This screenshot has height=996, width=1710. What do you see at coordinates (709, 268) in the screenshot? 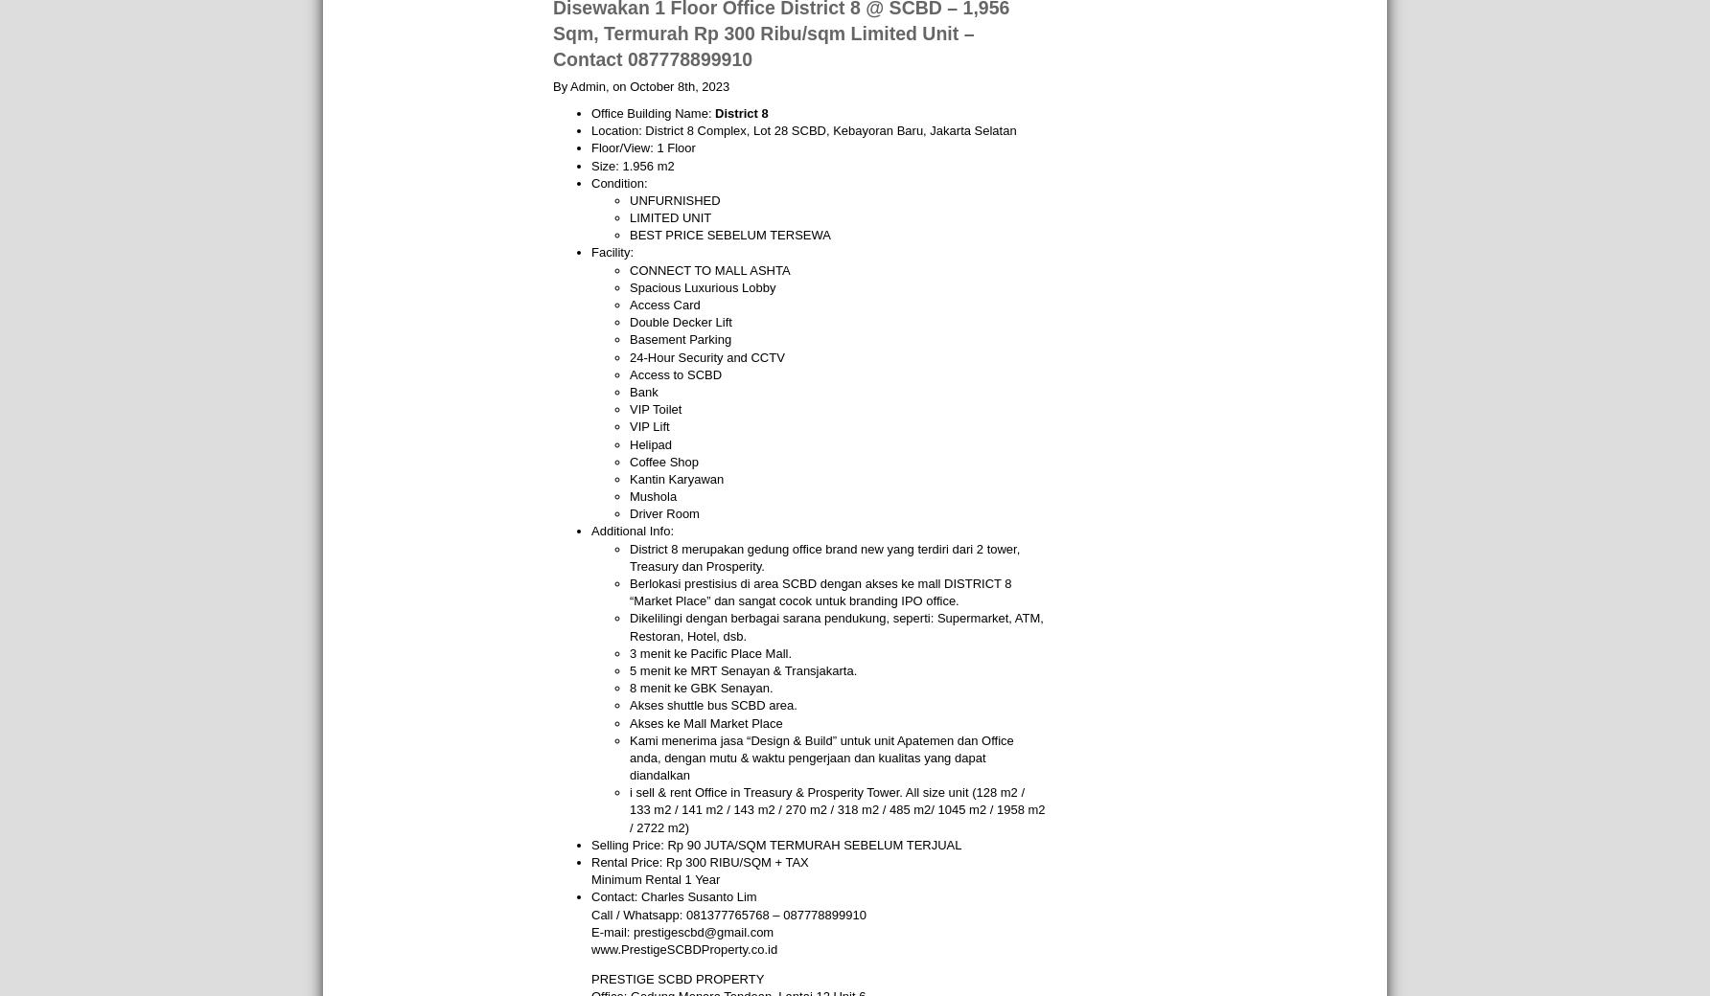
I see `'CONNECT TO MALL ASHTA'` at bounding box center [709, 268].